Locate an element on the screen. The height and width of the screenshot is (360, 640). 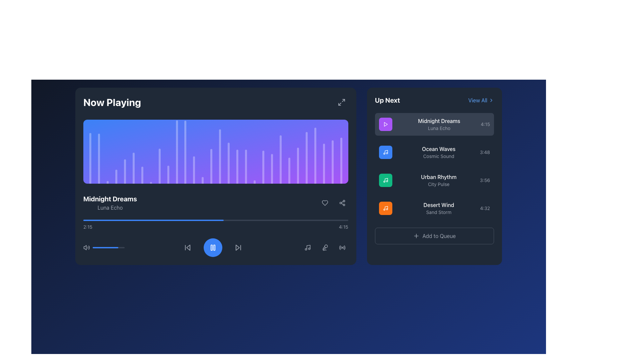
the circular sharing icon located in the bottom right corner of the 'Now Playing' section is located at coordinates (342, 203).